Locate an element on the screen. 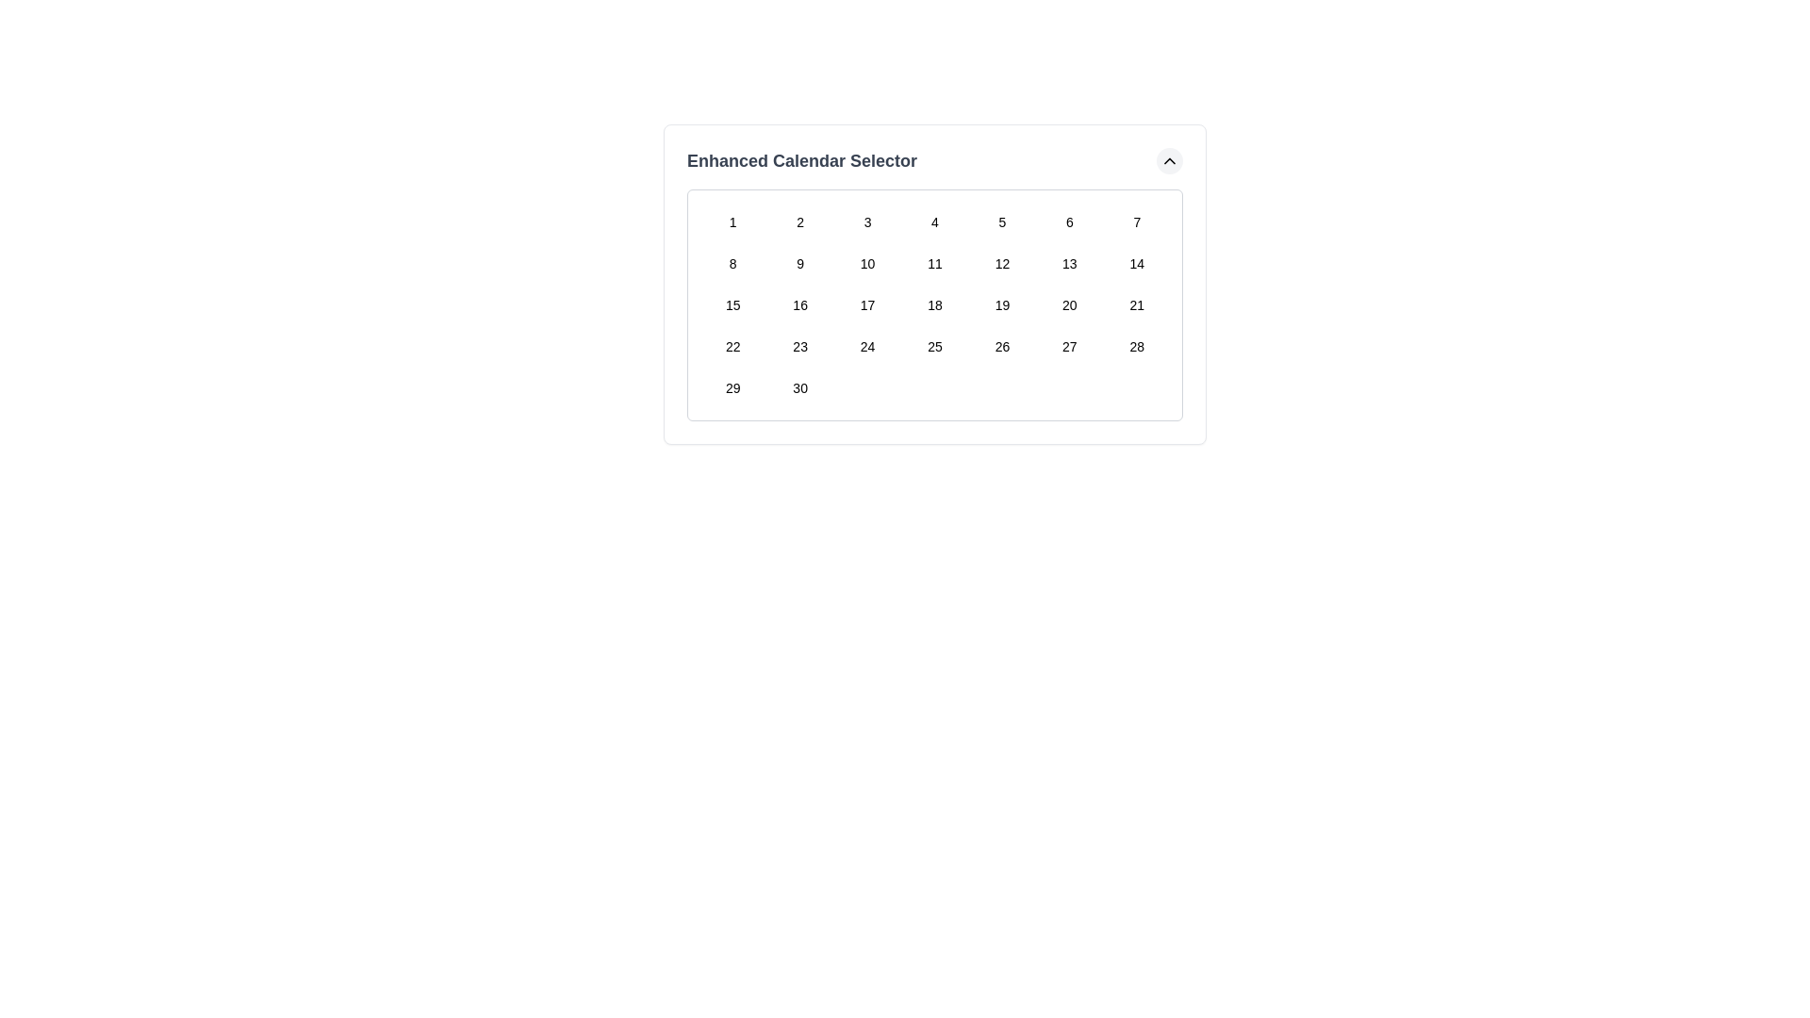 The width and height of the screenshot is (1810, 1018). the button labeled '8' in the date picker interface is located at coordinates (732, 264).